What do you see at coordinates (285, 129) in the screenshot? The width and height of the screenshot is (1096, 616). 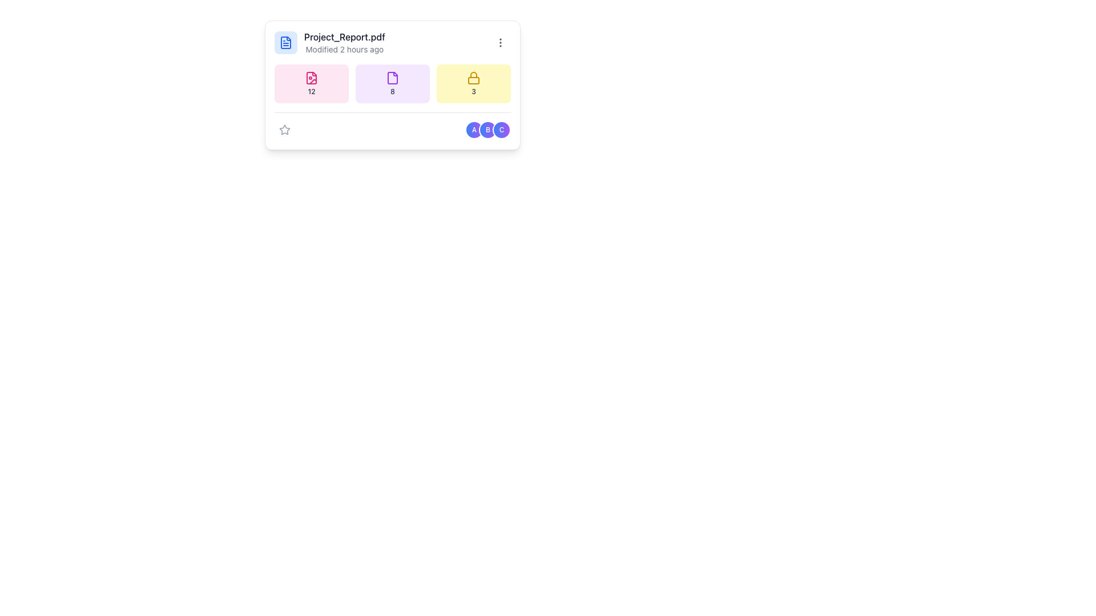 I see `the icon located in the bottom area of the UI section that displays file details, which is likely used for rating, favoriting, or marking an item` at bounding box center [285, 129].